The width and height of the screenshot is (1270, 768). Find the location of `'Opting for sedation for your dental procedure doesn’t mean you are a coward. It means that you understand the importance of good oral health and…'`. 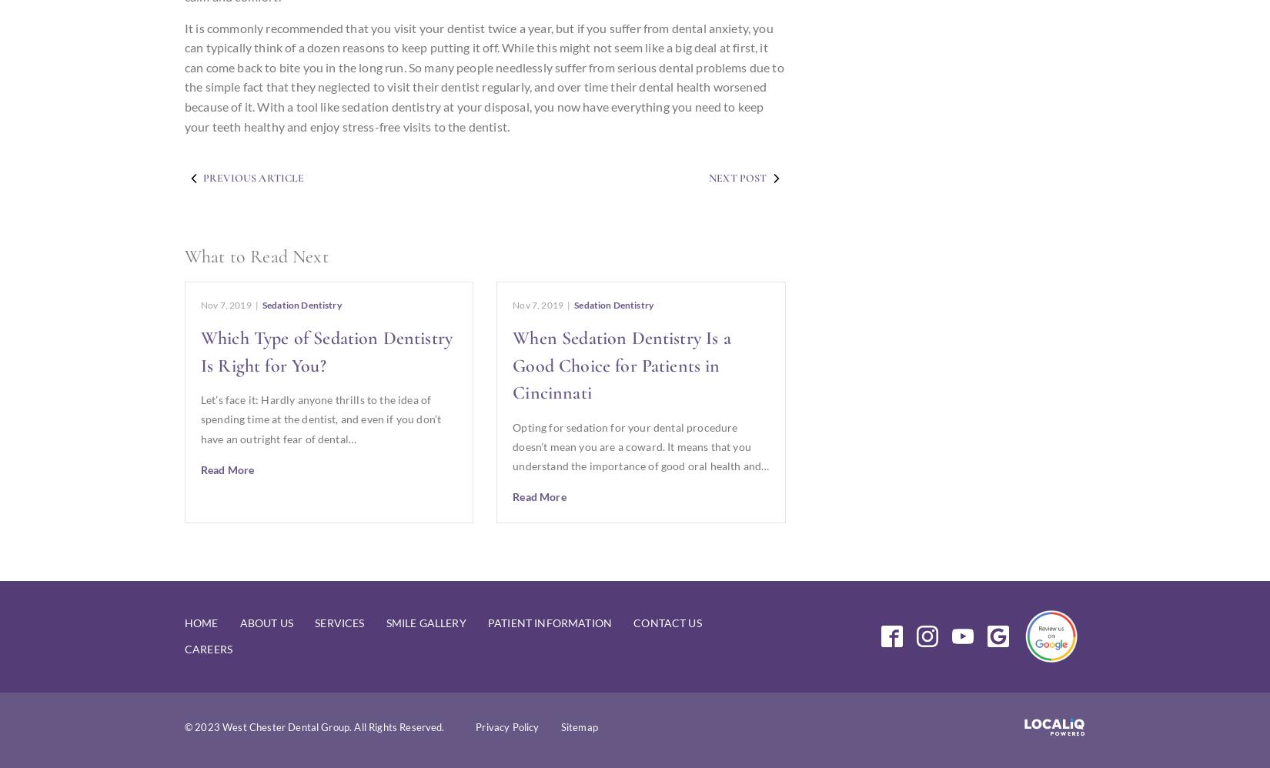

'Opting for sedation for your dental procedure doesn’t mean you are a coward. It means that you understand the importance of good oral health and…' is located at coordinates (640, 446).